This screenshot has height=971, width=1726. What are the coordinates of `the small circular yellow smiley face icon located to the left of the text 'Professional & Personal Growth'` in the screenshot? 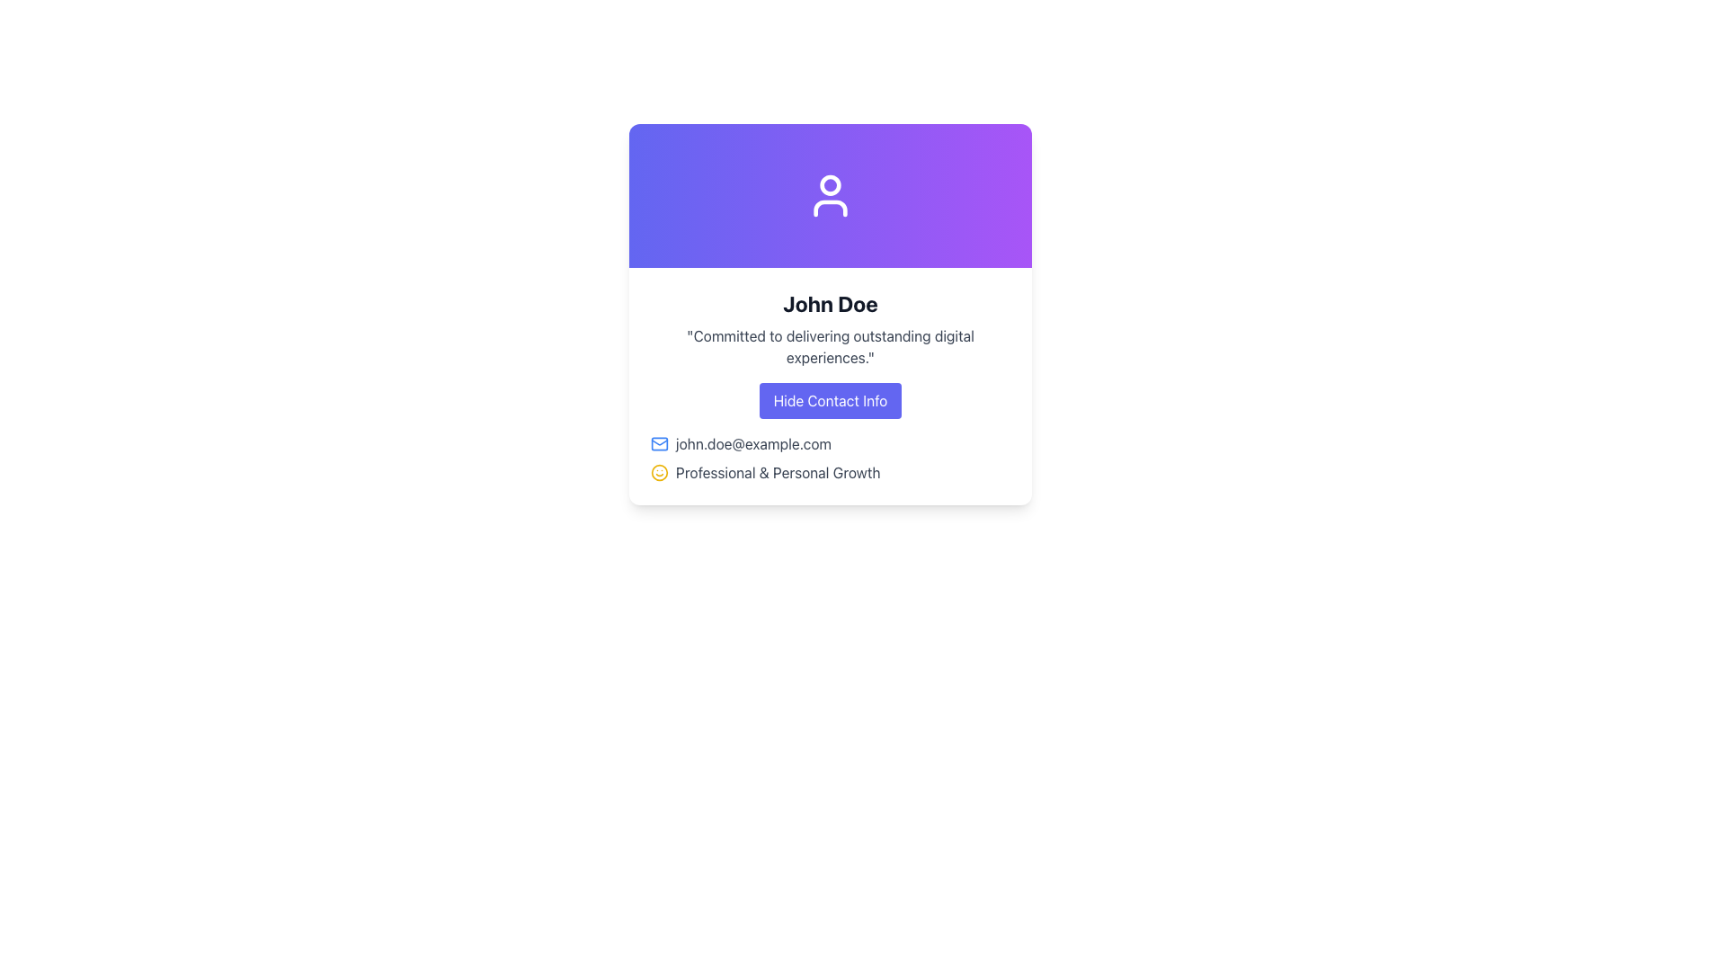 It's located at (659, 471).